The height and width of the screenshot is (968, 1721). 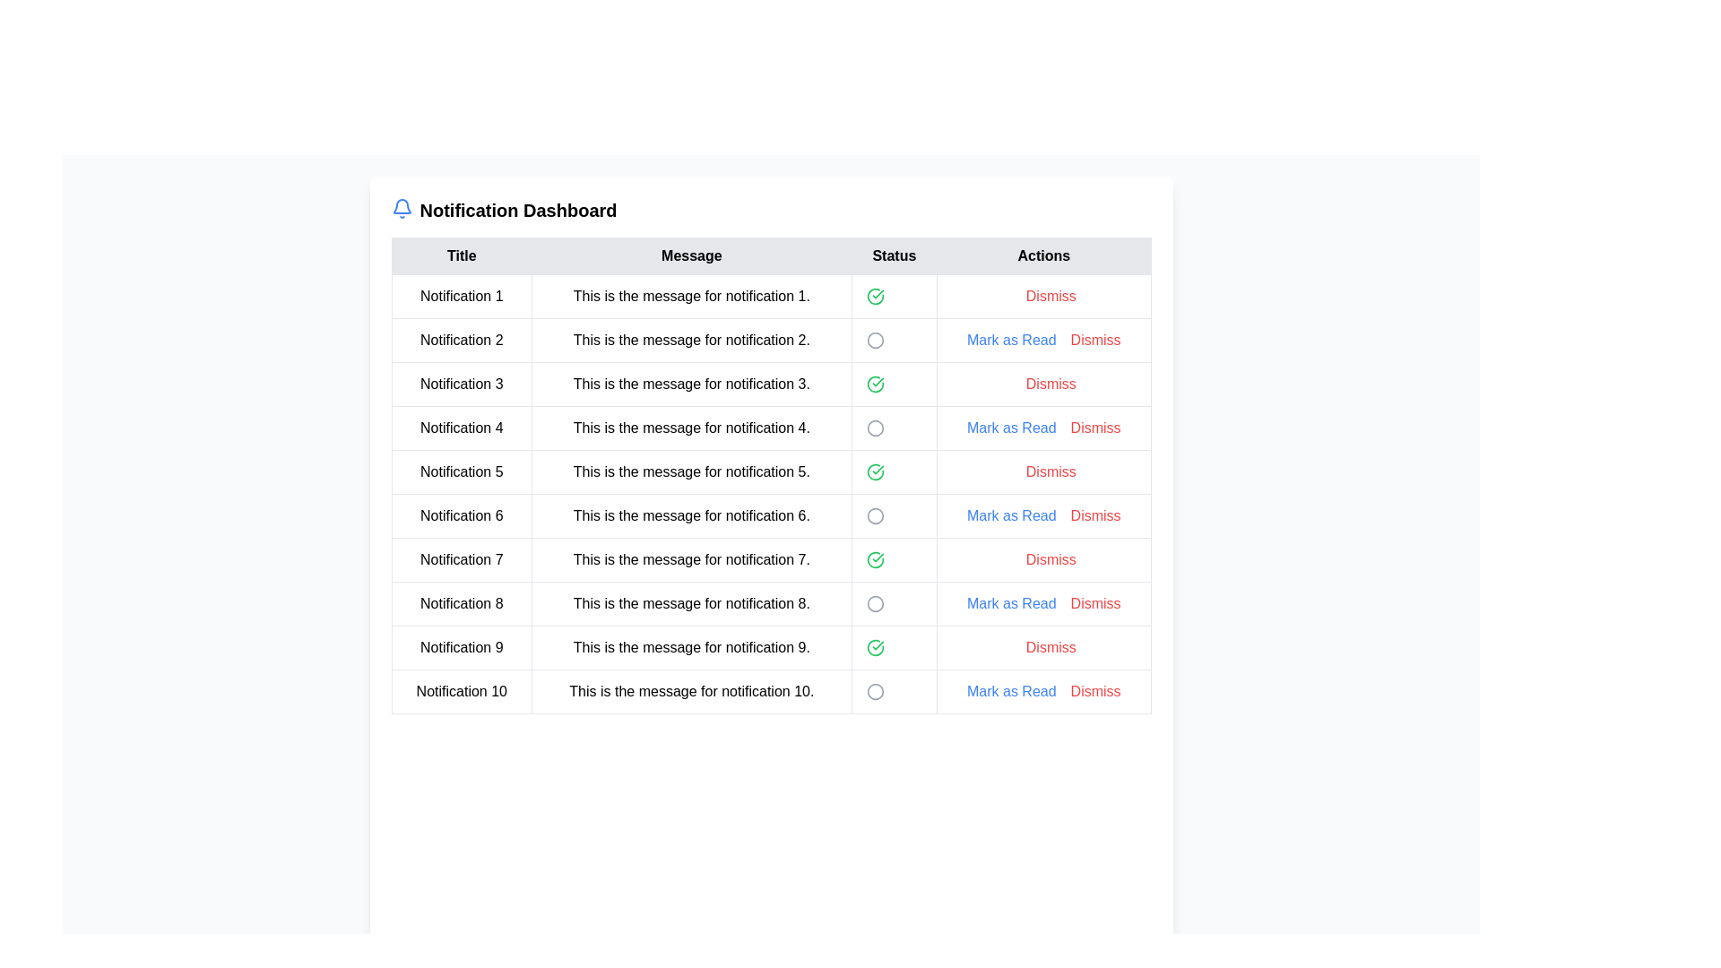 What do you see at coordinates (1051, 647) in the screenshot?
I see `the 'Dismiss' button located in the 'Actions' column of the table` at bounding box center [1051, 647].